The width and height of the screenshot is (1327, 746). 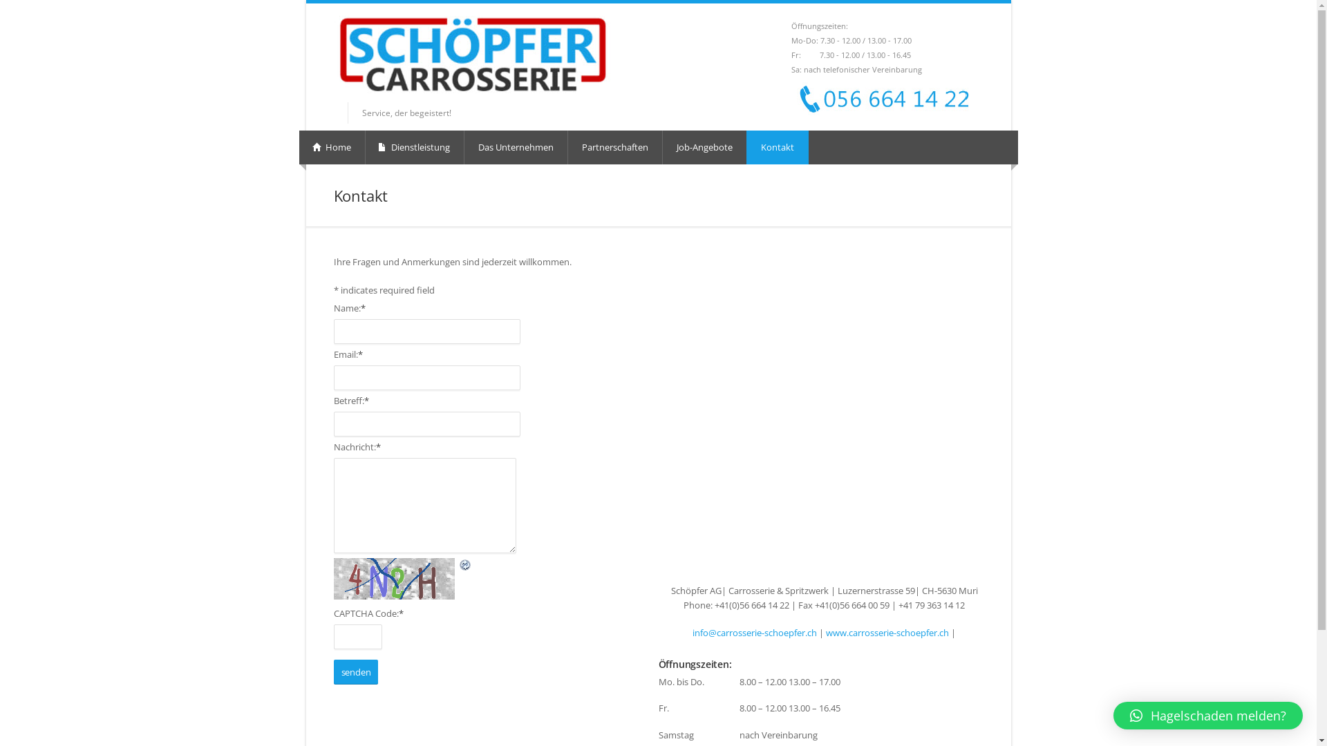 What do you see at coordinates (777, 147) in the screenshot?
I see `'Kontakt'` at bounding box center [777, 147].